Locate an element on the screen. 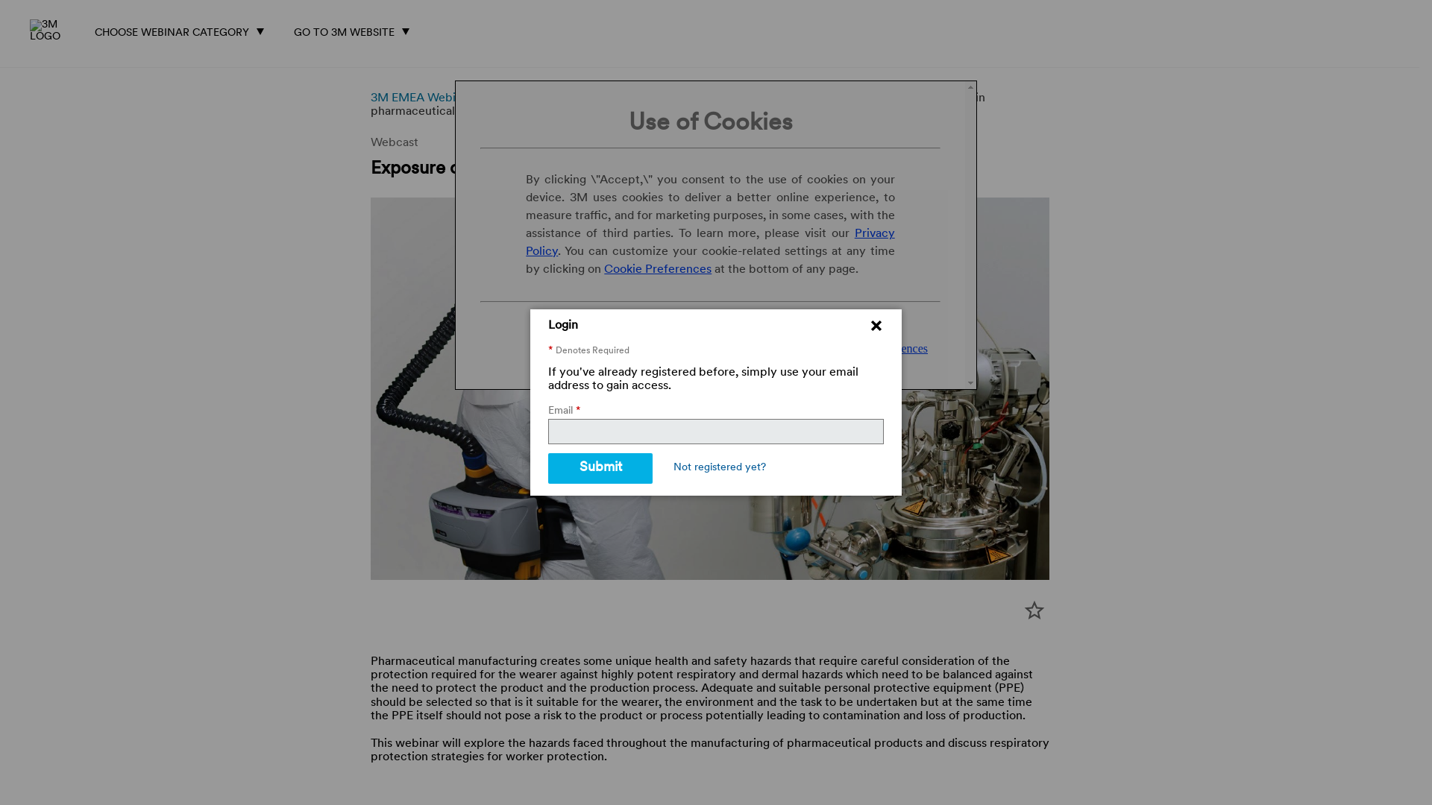 The height and width of the screenshot is (805, 1432). 'GO TO 3M WEBSITE' is located at coordinates (289, 30).